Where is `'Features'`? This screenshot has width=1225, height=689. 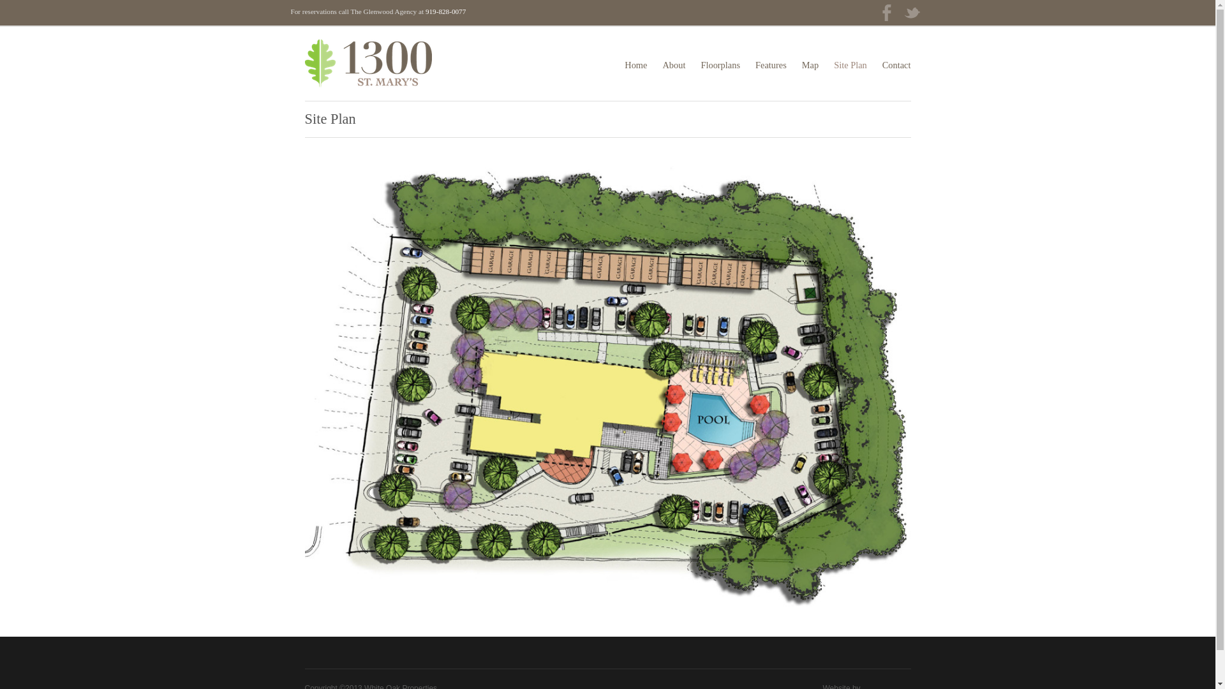 'Features' is located at coordinates (770, 65).